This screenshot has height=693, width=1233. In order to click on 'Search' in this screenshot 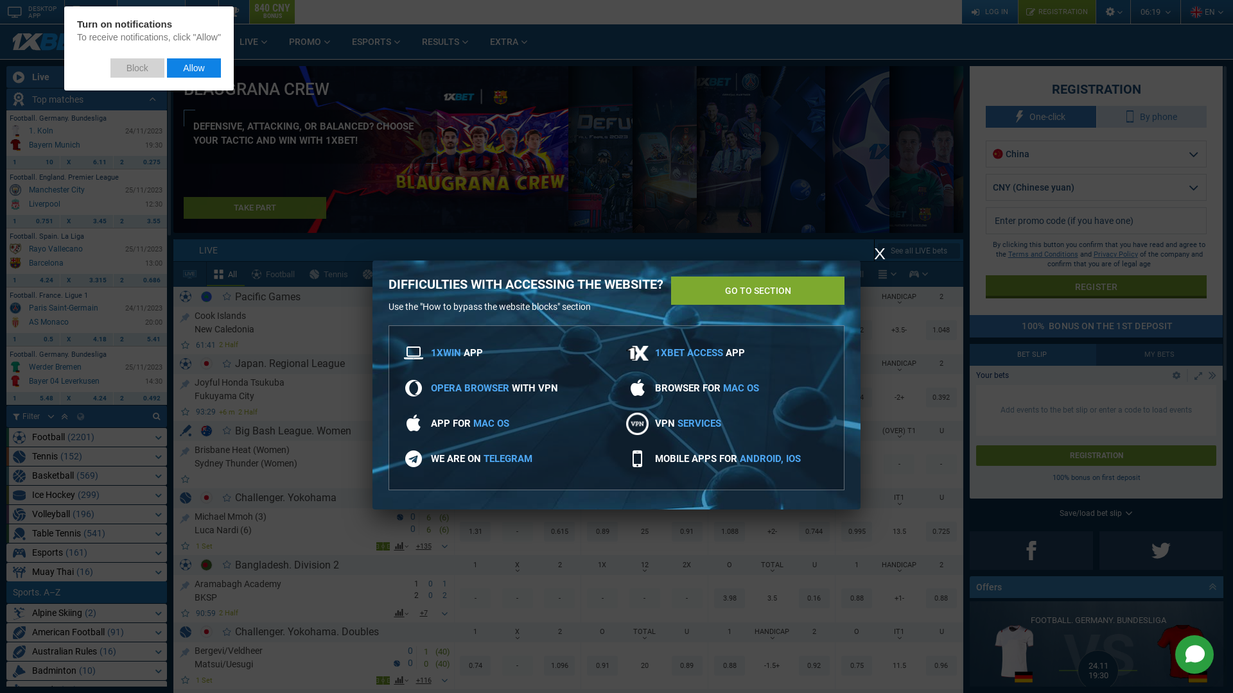, I will do `click(144, 416)`.